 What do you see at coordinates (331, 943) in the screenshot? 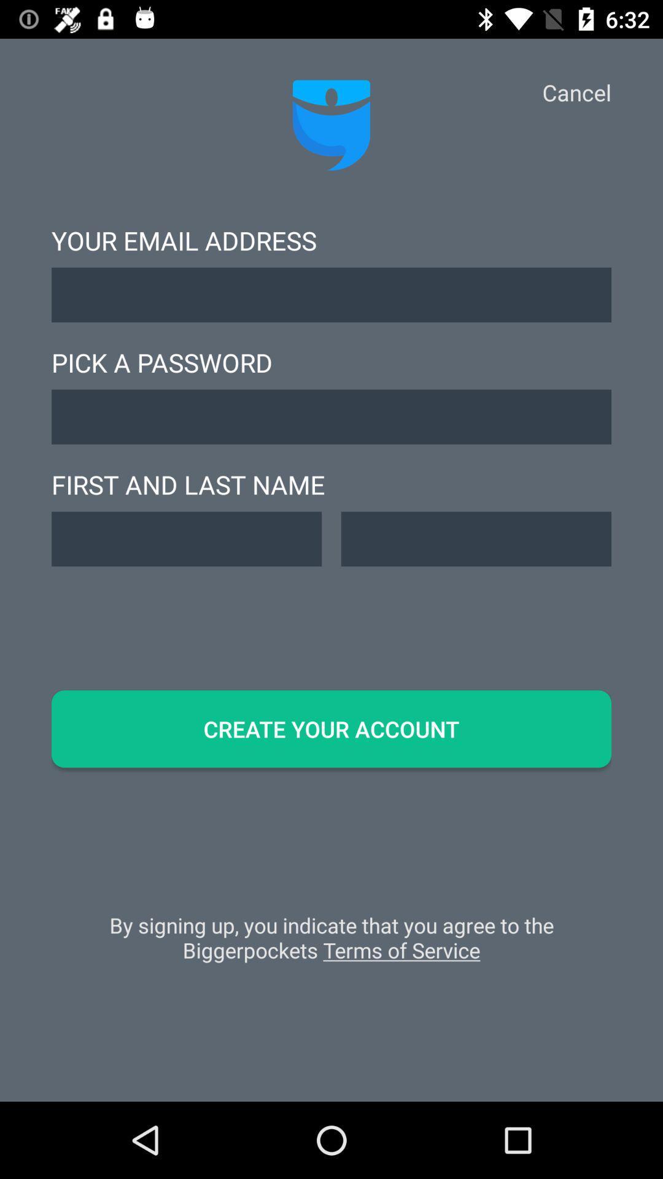
I see `the by signing up` at bounding box center [331, 943].